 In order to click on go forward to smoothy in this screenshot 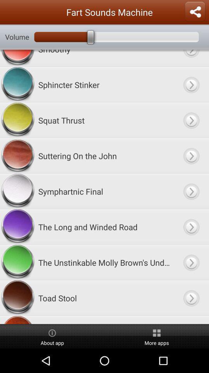, I will do `click(191, 58)`.